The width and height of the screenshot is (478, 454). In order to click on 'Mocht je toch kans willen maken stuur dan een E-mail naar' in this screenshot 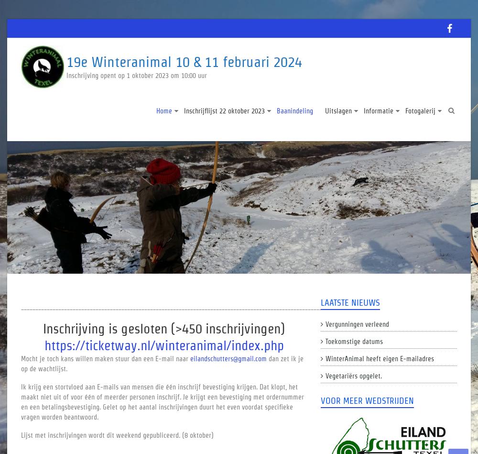, I will do `click(21, 358)`.